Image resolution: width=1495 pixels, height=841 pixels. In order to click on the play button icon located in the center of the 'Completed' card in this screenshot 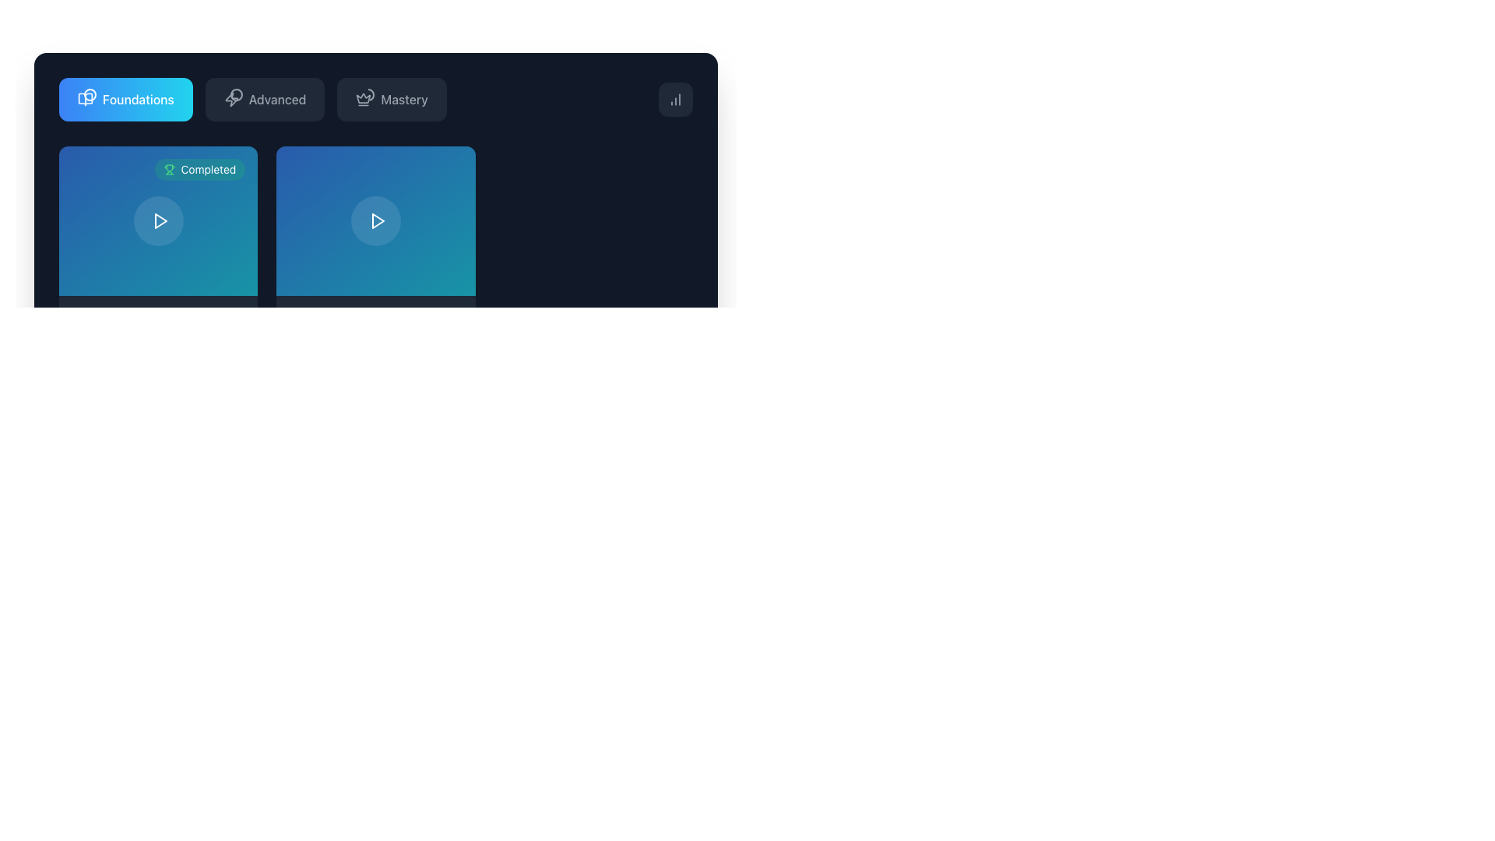, I will do `click(160, 221)`.